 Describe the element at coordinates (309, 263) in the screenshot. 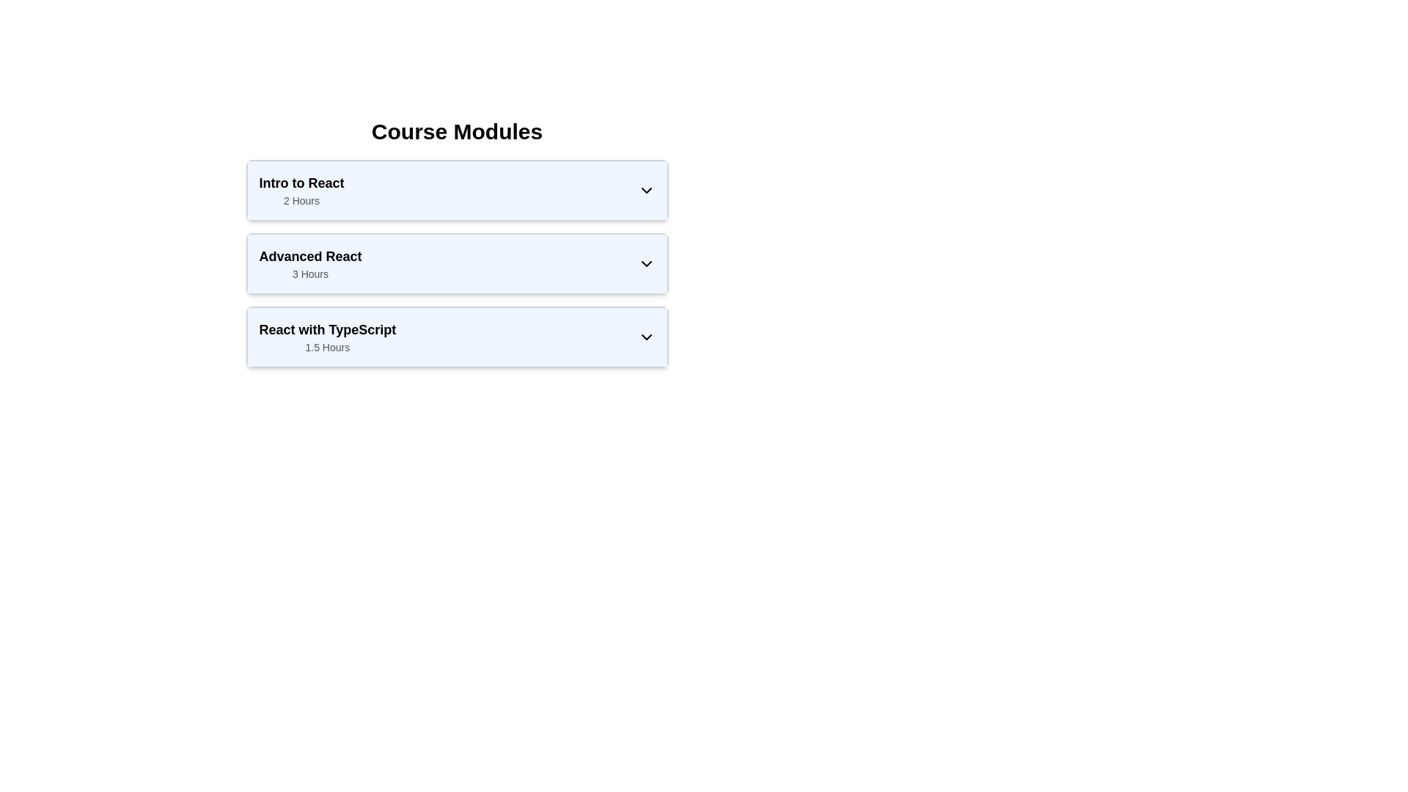

I see `the text-based display component labeled 'Advanced React' with keyboard navigation` at that location.